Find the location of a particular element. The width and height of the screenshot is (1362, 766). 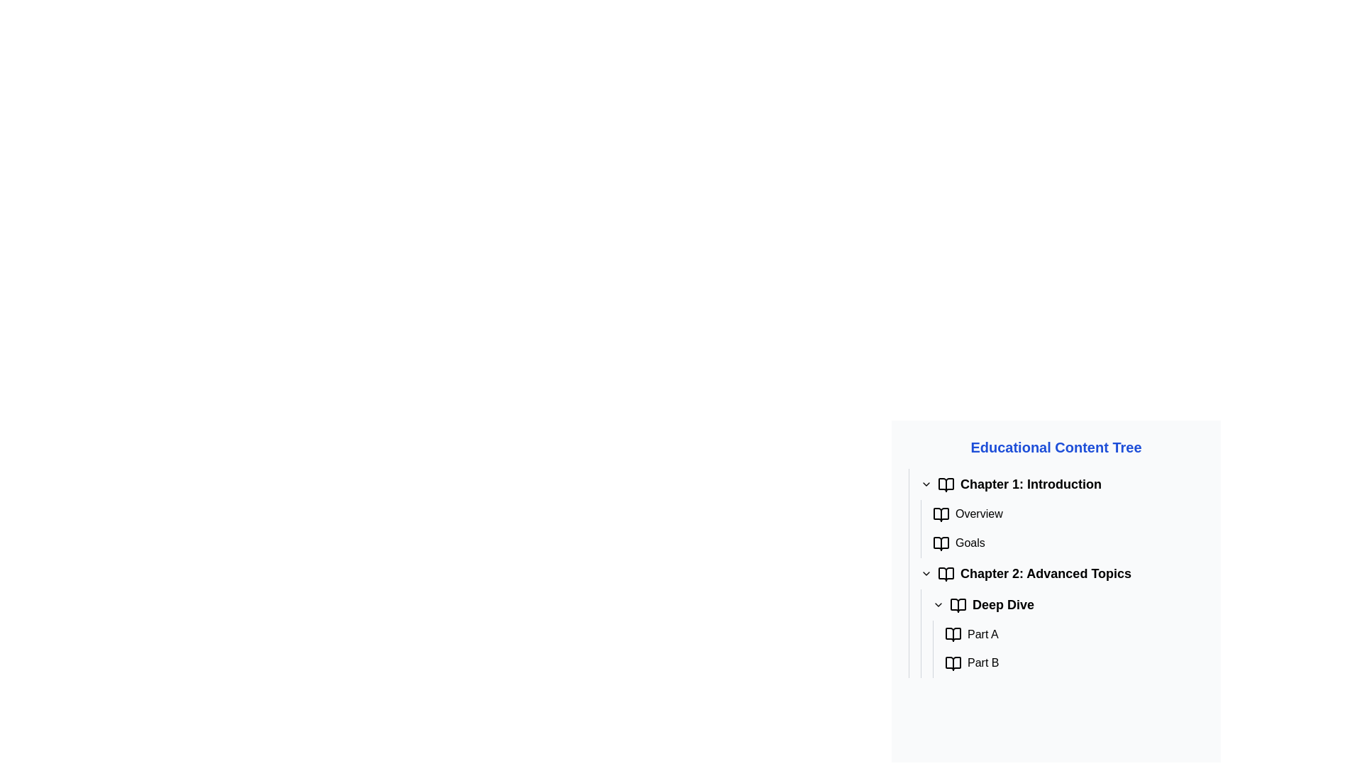

the toggle icon is located at coordinates (939, 604).